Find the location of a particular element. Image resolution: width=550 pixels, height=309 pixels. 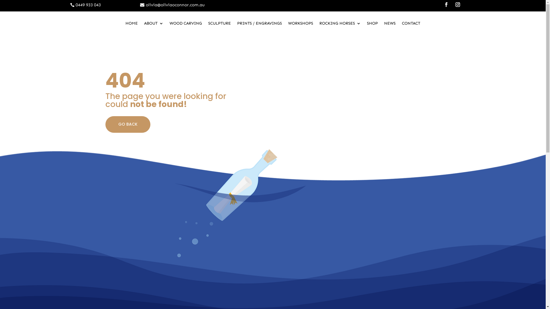

'NEWS' is located at coordinates (390, 24).